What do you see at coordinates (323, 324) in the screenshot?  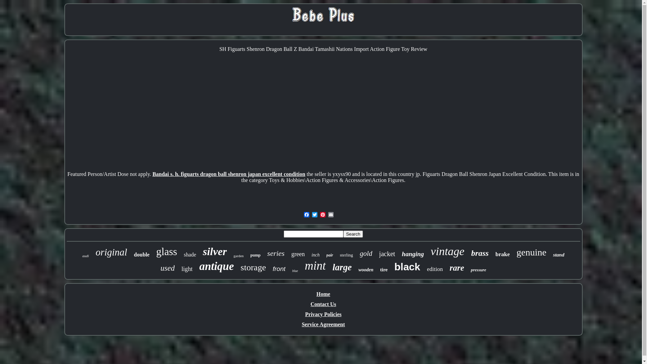 I see `'Service Agreement'` at bounding box center [323, 324].